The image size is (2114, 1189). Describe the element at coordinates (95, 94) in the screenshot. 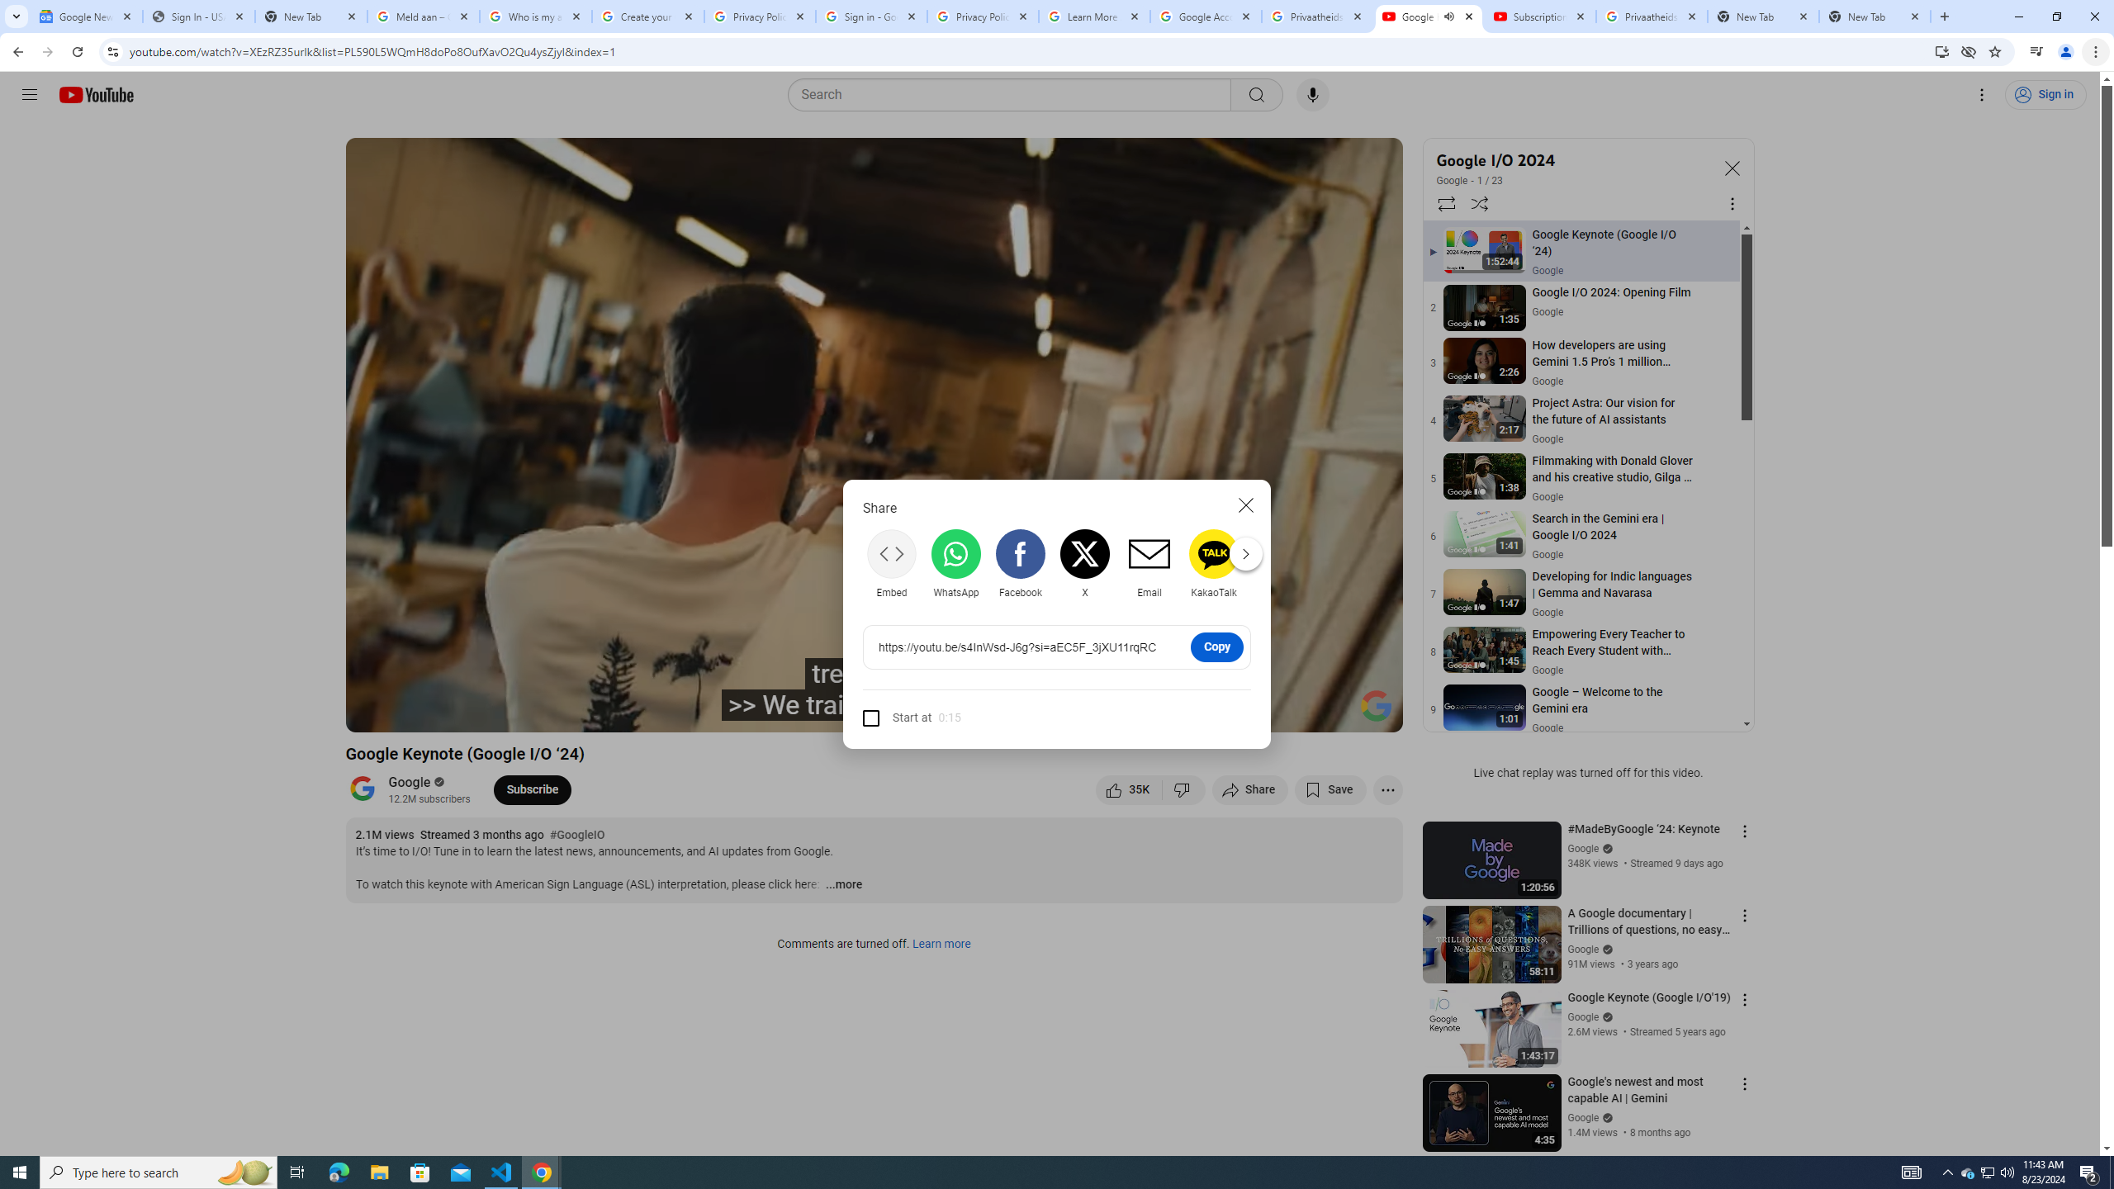

I see `'YouTube Home'` at that location.